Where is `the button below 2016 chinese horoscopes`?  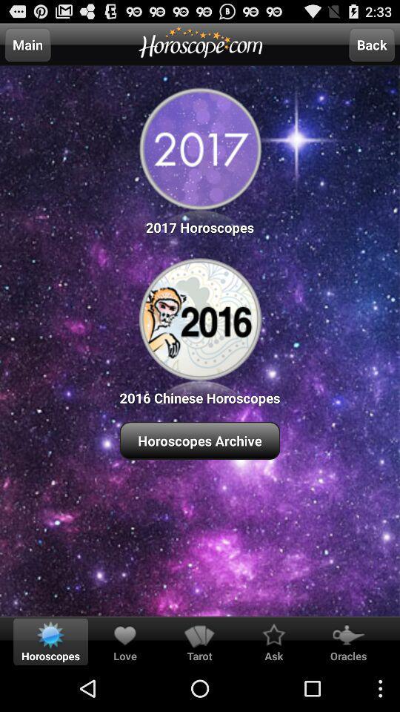 the button below 2016 chinese horoscopes is located at coordinates (200, 441).